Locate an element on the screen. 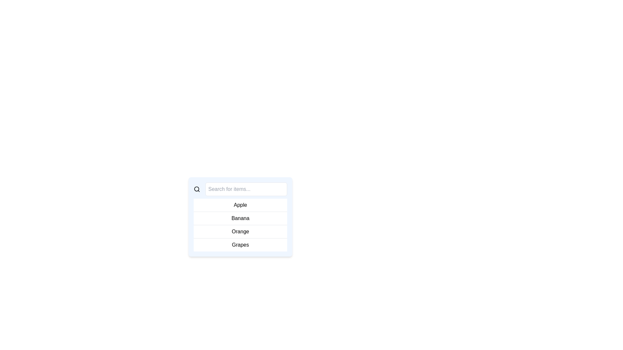  the magnifying glass icon, which serves as a visual cue for the search feature is located at coordinates (196, 189).